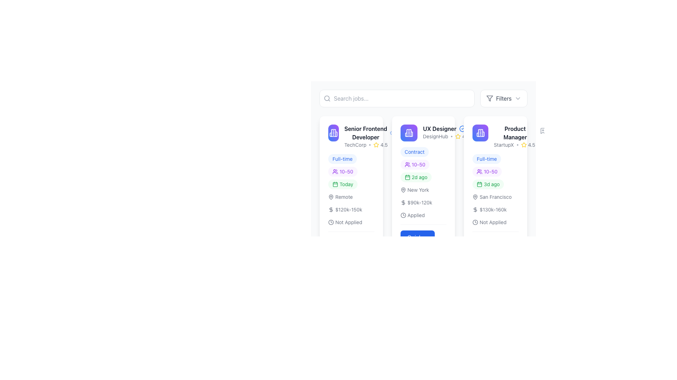  Describe the element at coordinates (446, 129) in the screenshot. I see `the 'UX Designer' job title element with a blue checkmark icon, located in the second card of the job listing, positioned at the top below the job category icon` at that location.